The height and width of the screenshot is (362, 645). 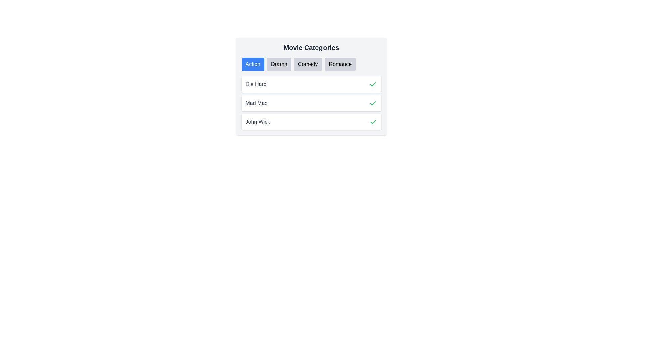 What do you see at coordinates (373, 84) in the screenshot?
I see `the green checkmark icon indicating completion, positioned at the right end of the 'Mad Max' movie entry in the content list` at bounding box center [373, 84].